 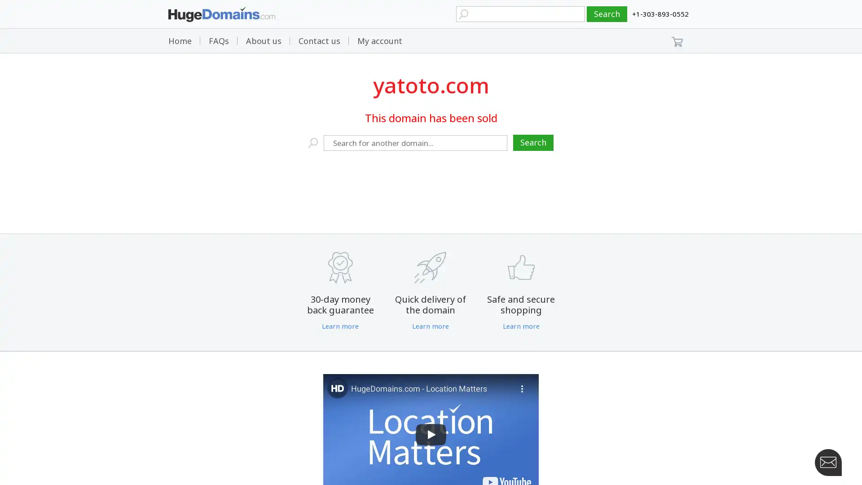 What do you see at coordinates (533, 142) in the screenshot?
I see `Search` at bounding box center [533, 142].